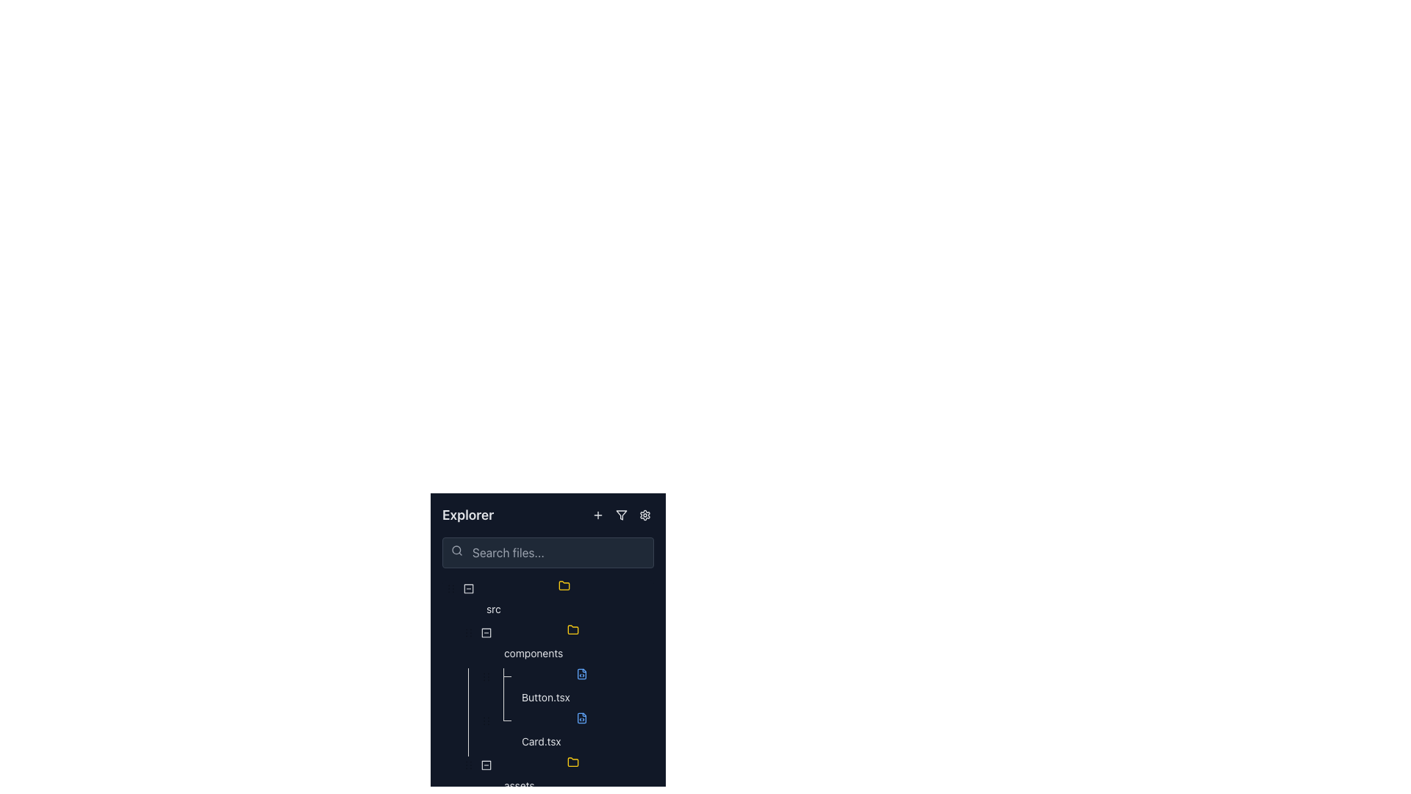  I want to click on the action button icon located in the top right of the sidebar, so click(598, 515).